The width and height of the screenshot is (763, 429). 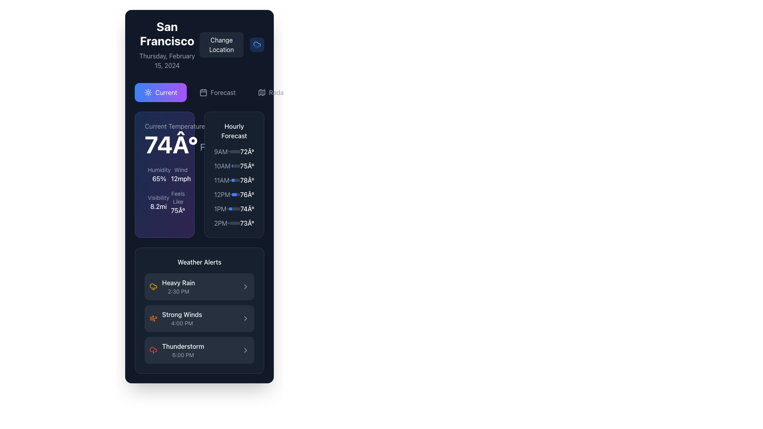 What do you see at coordinates (153, 174) in the screenshot?
I see `current humidity level displayed in the top-left corner of the environmental metrics grid, above the 'Visibility' metric and to the left of the 'Wind' statistic` at bounding box center [153, 174].